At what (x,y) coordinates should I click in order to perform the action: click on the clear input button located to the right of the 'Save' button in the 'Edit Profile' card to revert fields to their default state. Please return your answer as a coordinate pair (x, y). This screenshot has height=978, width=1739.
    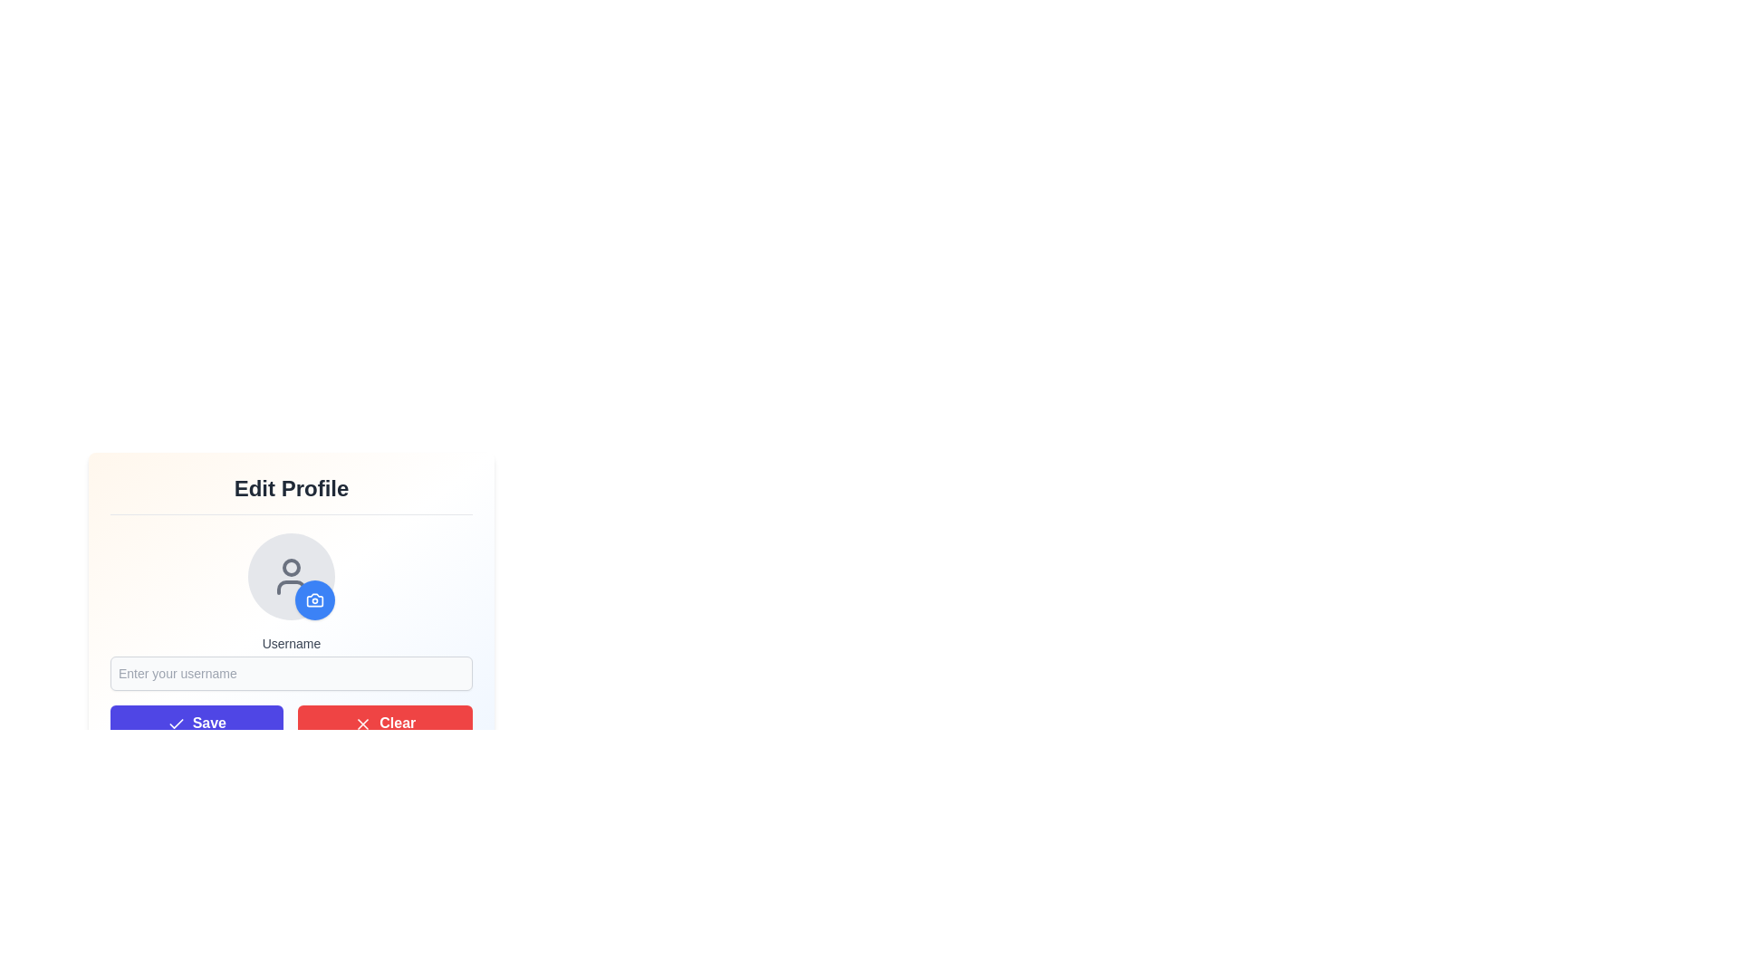
    Looking at the image, I should click on (384, 722).